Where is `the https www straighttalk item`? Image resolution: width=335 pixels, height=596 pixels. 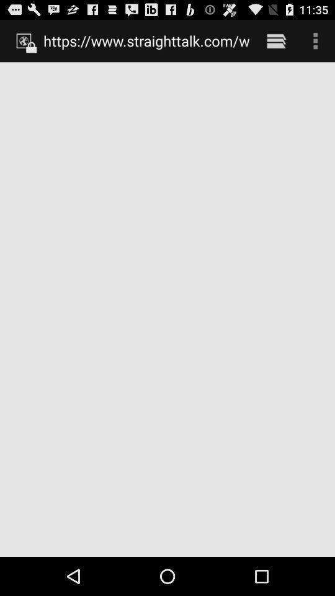
the https www straighttalk item is located at coordinates (146, 40).